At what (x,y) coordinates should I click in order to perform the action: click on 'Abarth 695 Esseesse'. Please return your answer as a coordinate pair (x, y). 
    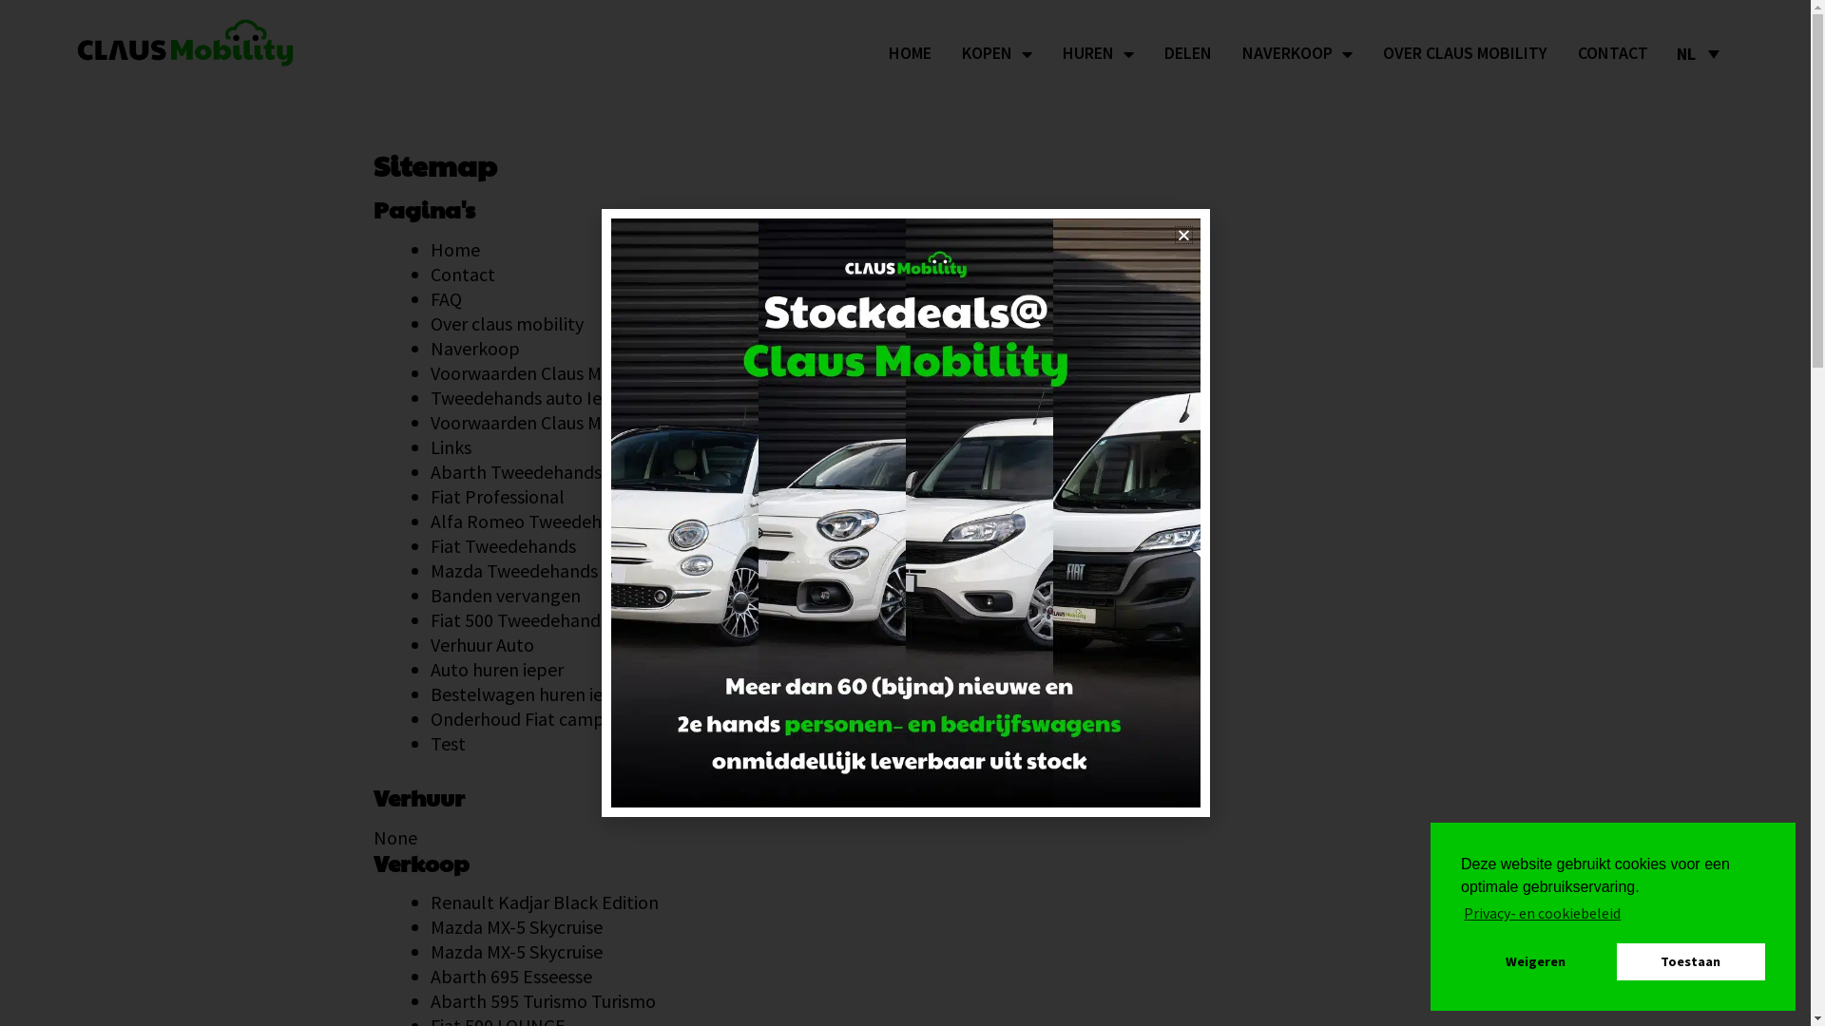
    Looking at the image, I should click on (510, 976).